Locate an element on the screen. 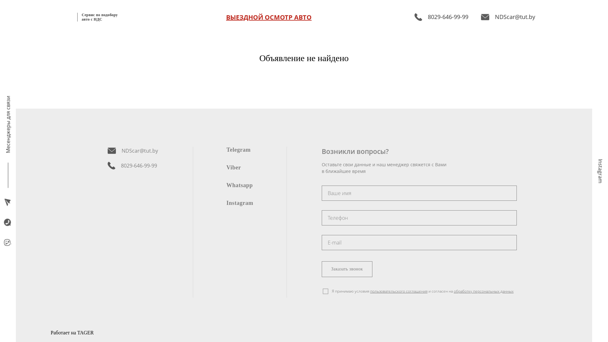 The height and width of the screenshot is (342, 608). '8029-646-99-99' is located at coordinates (132, 165).